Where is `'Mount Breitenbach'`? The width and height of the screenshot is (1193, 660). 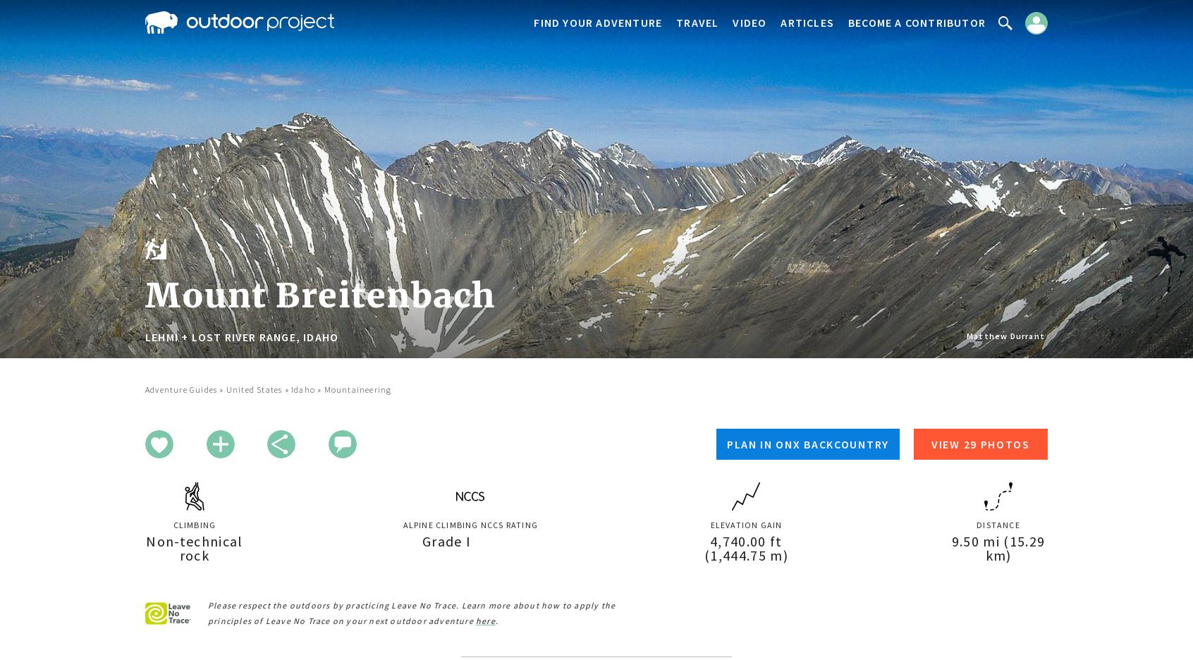
'Mount Breitenbach' is located at coordinates (144, 294).